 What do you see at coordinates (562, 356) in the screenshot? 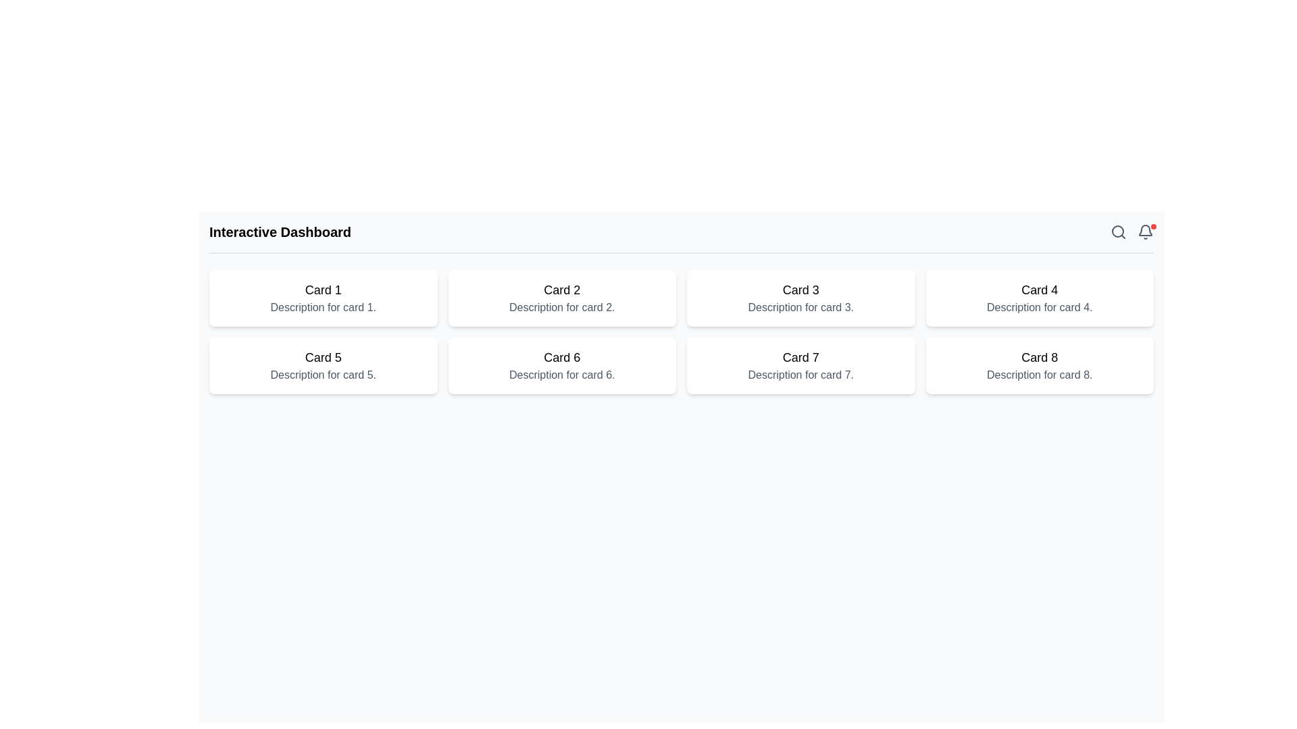
I see `the text label displaying 'Card 6' located in the upper half of the sixth card in the card layout` at bounding box center [562, 356].